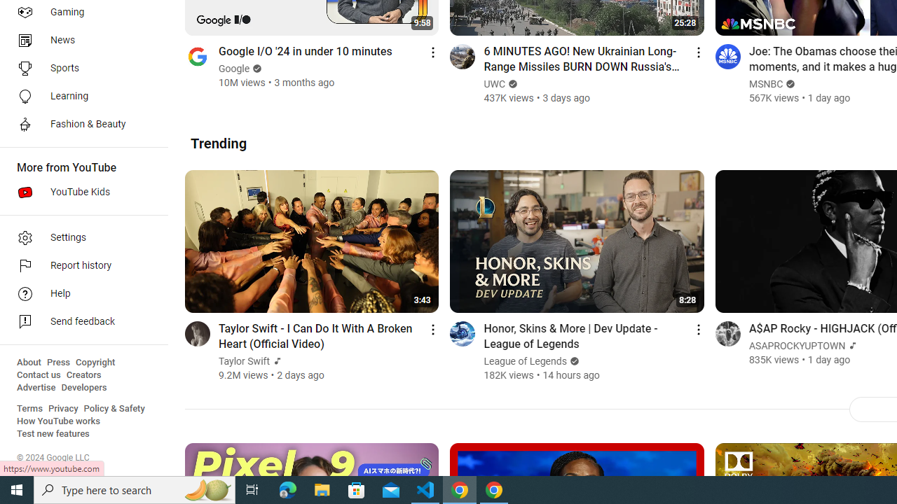 The image size is (897, 504). What do you see at coordinates (797, 346) in the screenshot?
I see `'ASAPROCKYUPTOWN'` at bounding box center [797, 346].